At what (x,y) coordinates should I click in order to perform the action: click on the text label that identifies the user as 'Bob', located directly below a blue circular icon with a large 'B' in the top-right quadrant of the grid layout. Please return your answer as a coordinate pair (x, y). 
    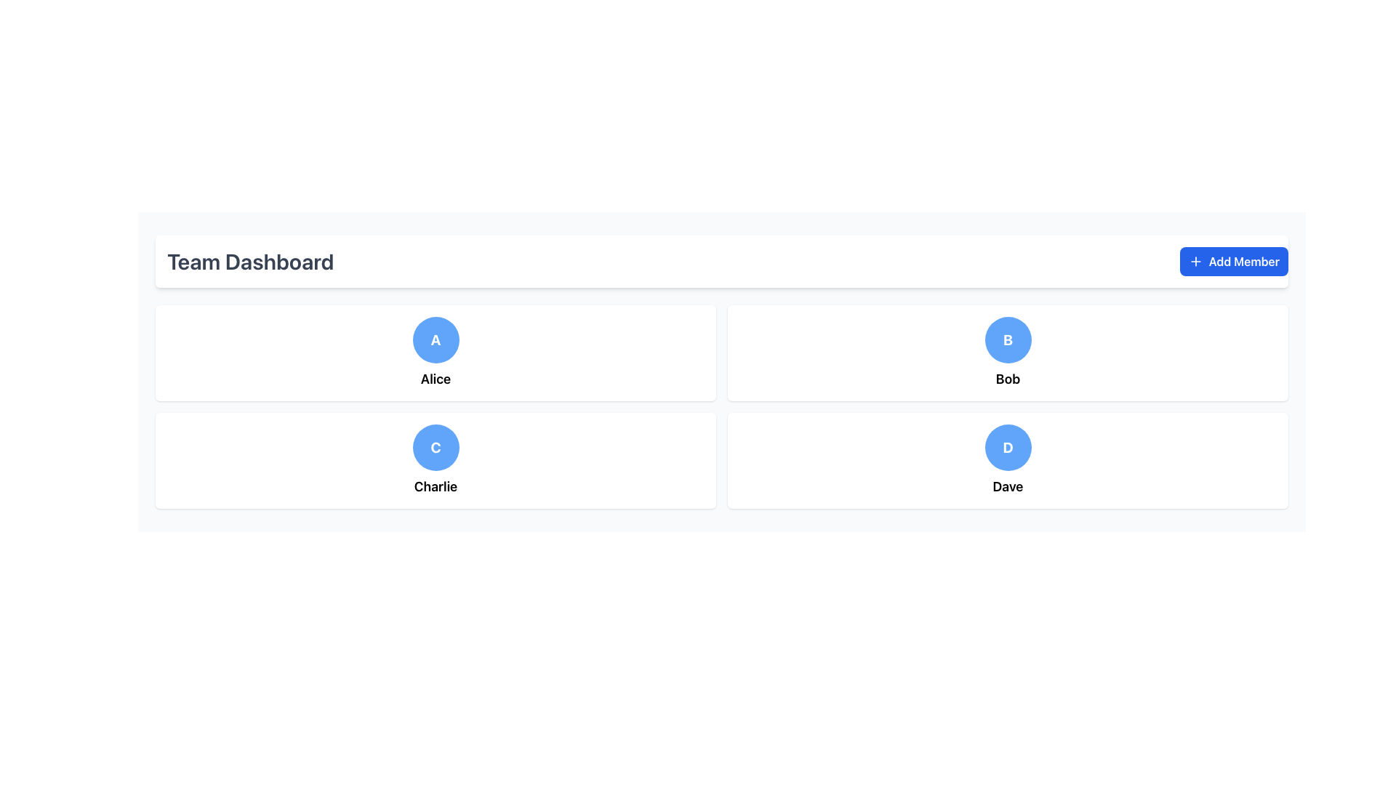
    Looking at the image, I should click on (1007, 378).